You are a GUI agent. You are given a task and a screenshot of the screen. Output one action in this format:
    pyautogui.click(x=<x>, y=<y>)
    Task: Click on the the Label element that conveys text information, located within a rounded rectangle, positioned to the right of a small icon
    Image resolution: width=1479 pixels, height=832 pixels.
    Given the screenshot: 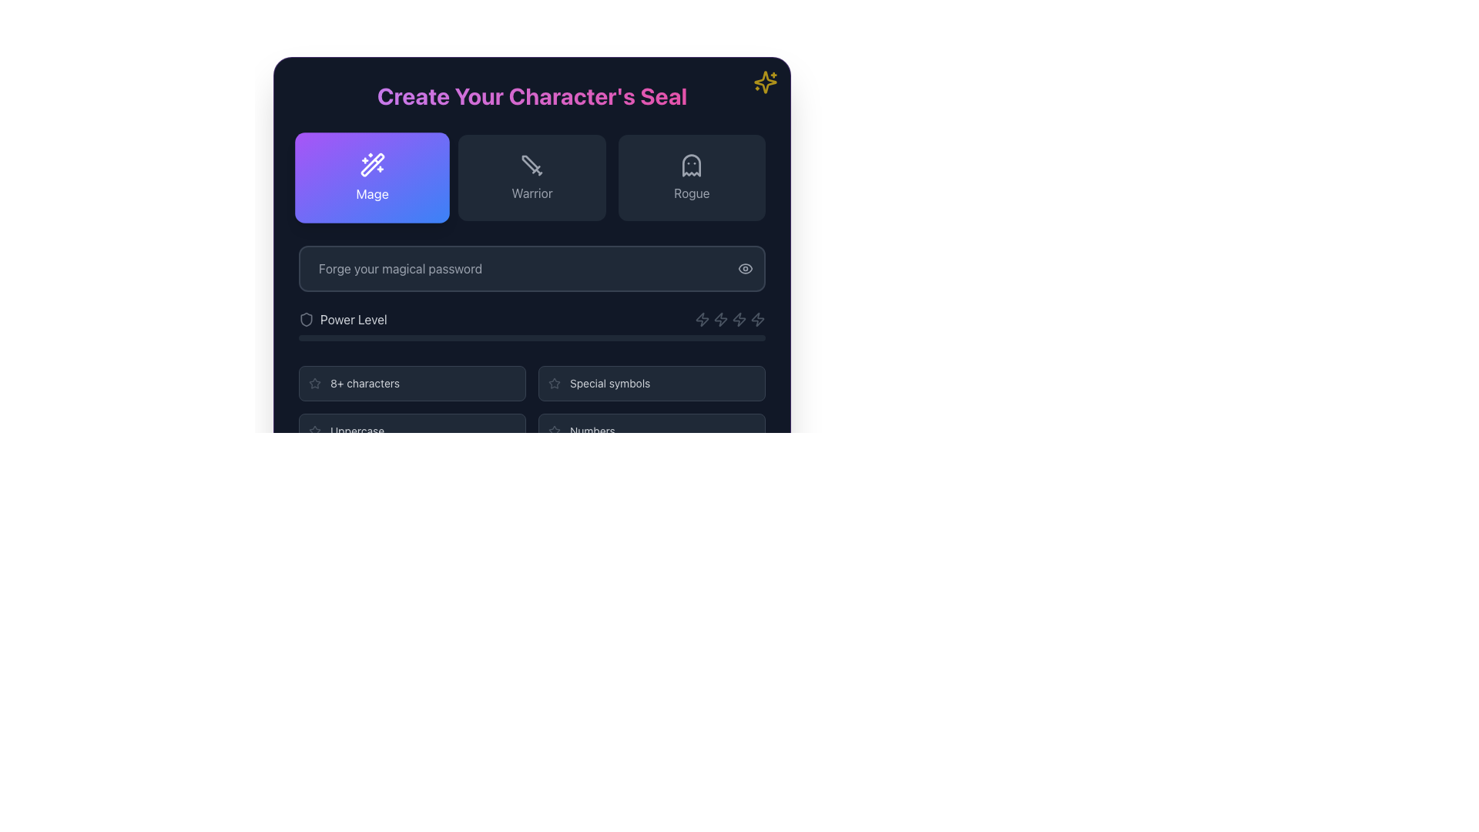 What is the action you would take?
    pyautogui.click(x=609, y=382)
    